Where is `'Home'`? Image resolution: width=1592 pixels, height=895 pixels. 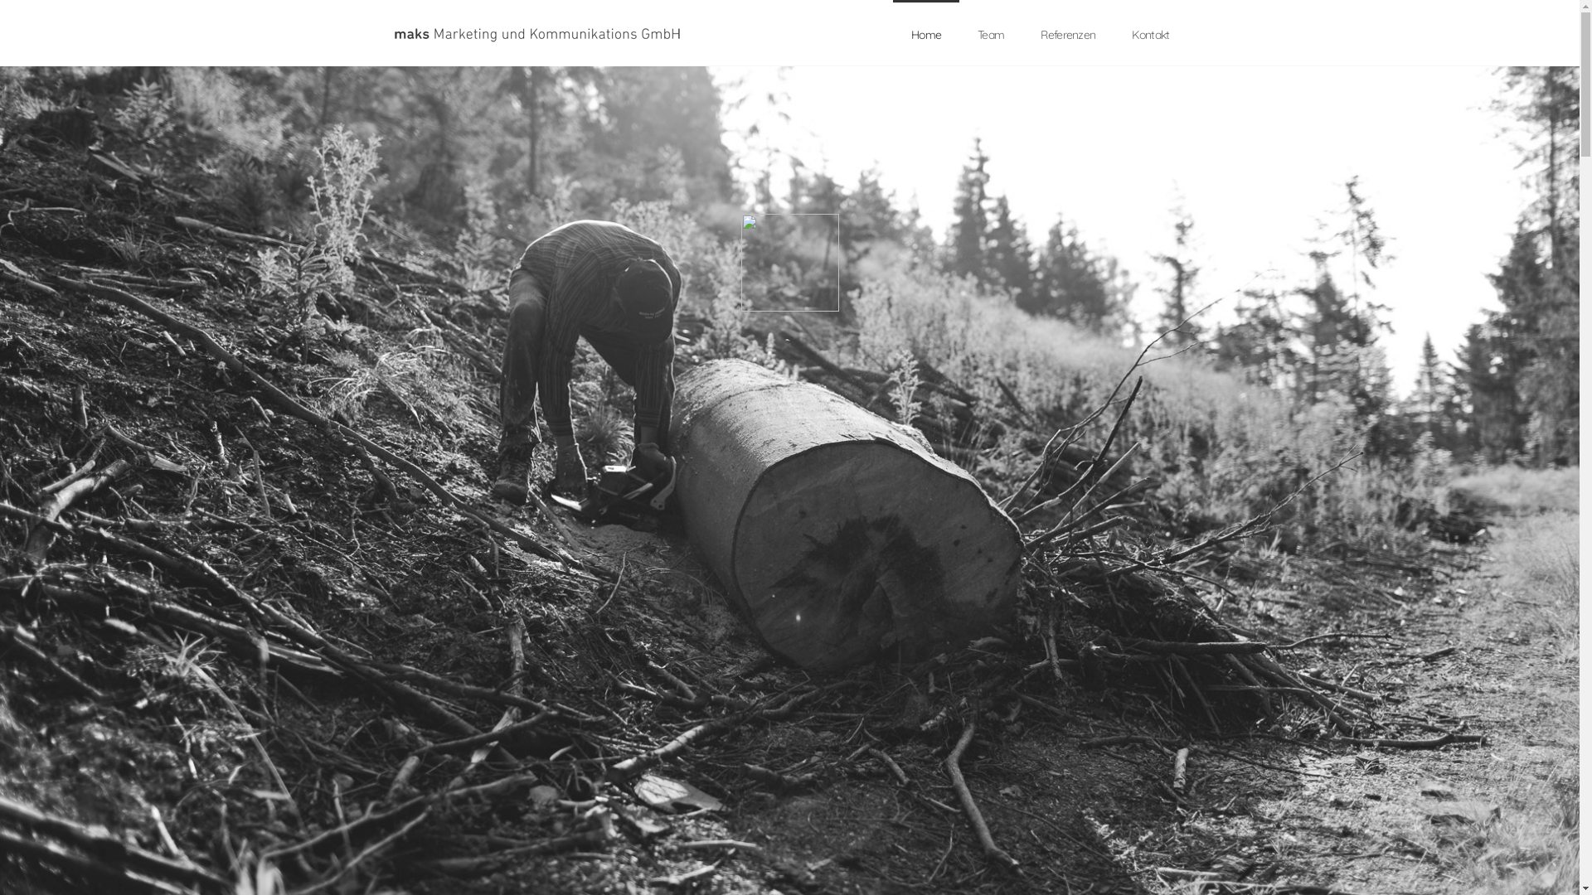 'Home' is located at coordinates (925, 34).